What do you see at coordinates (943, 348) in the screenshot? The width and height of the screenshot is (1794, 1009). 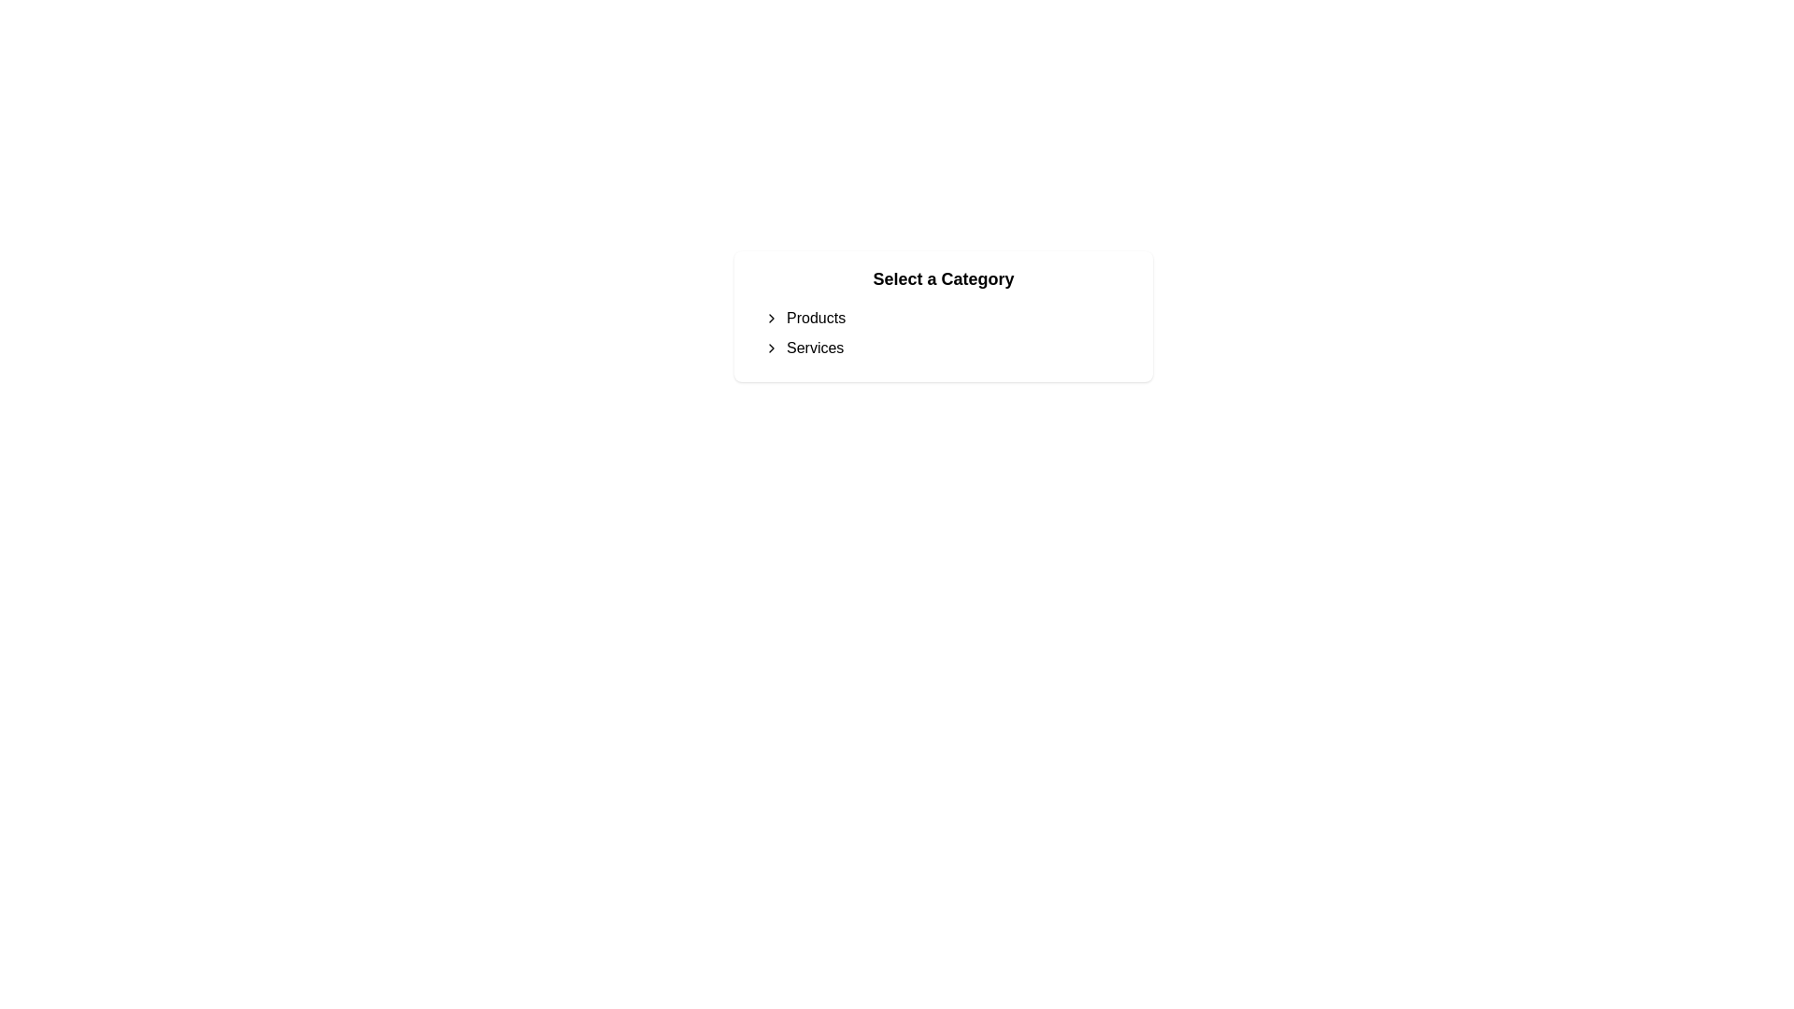 I see `the 'Services' button located directly below the 'Products' button` at bounding box center [943, 348].